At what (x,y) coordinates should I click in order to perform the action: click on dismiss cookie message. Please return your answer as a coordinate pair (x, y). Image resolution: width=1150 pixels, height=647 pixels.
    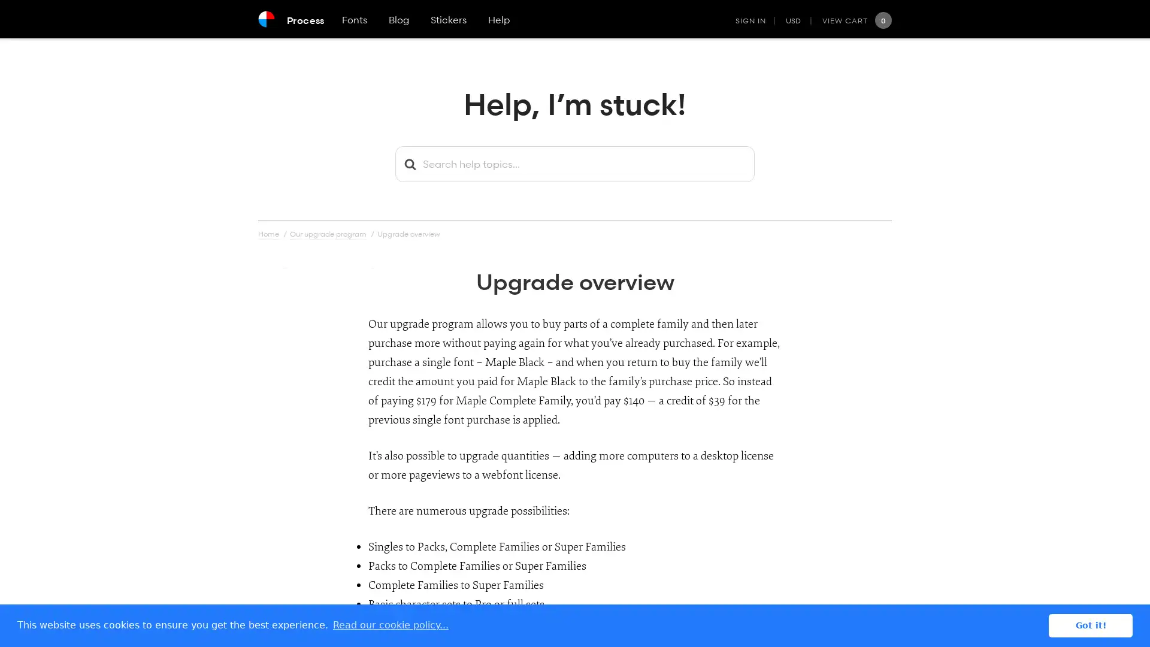
    Looking at the image, I should click on (1090, 625).